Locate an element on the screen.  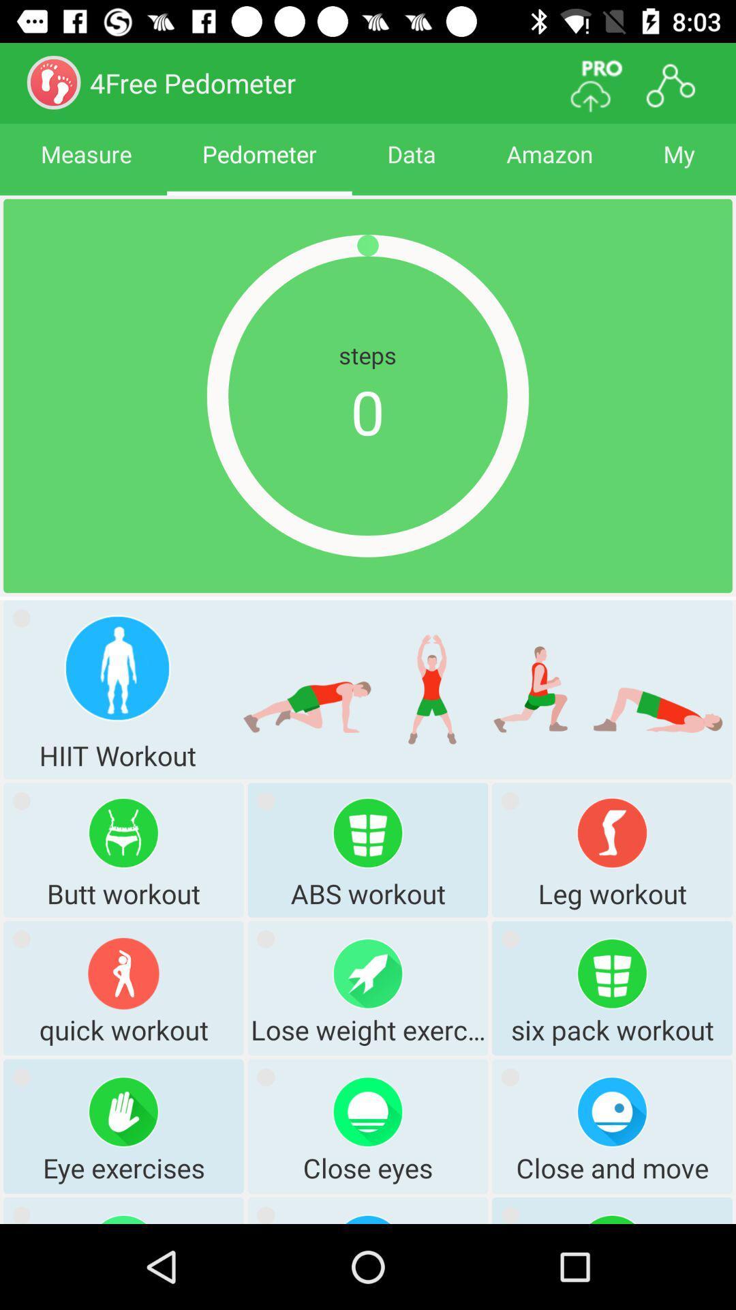
the measure app is located at coordinates (86, 166).